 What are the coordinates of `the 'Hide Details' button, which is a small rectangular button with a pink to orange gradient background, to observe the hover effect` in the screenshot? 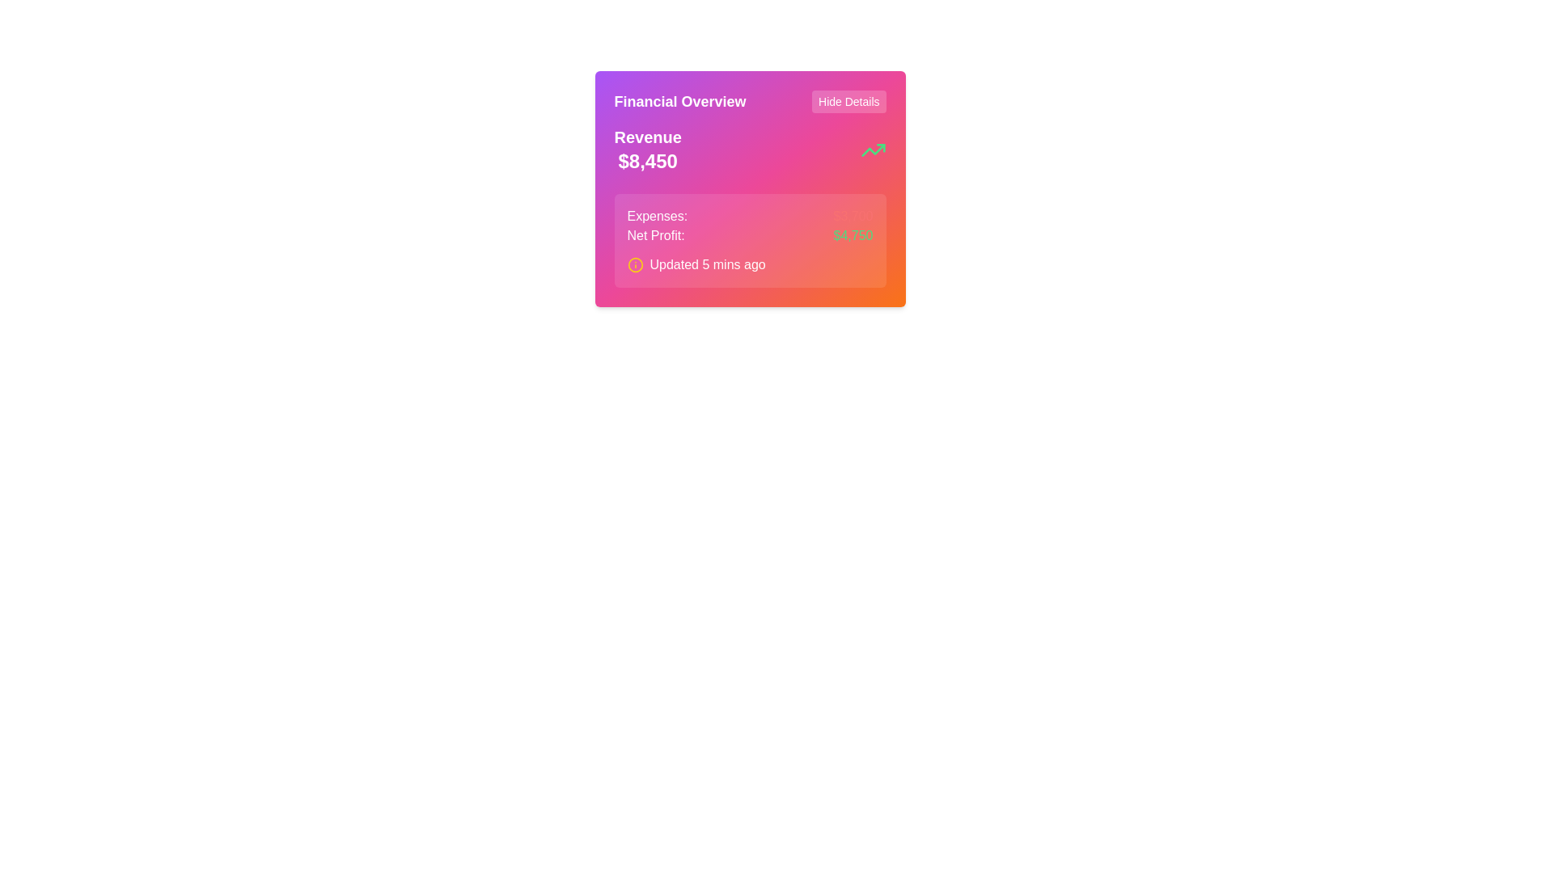 It's located at (848, 102).